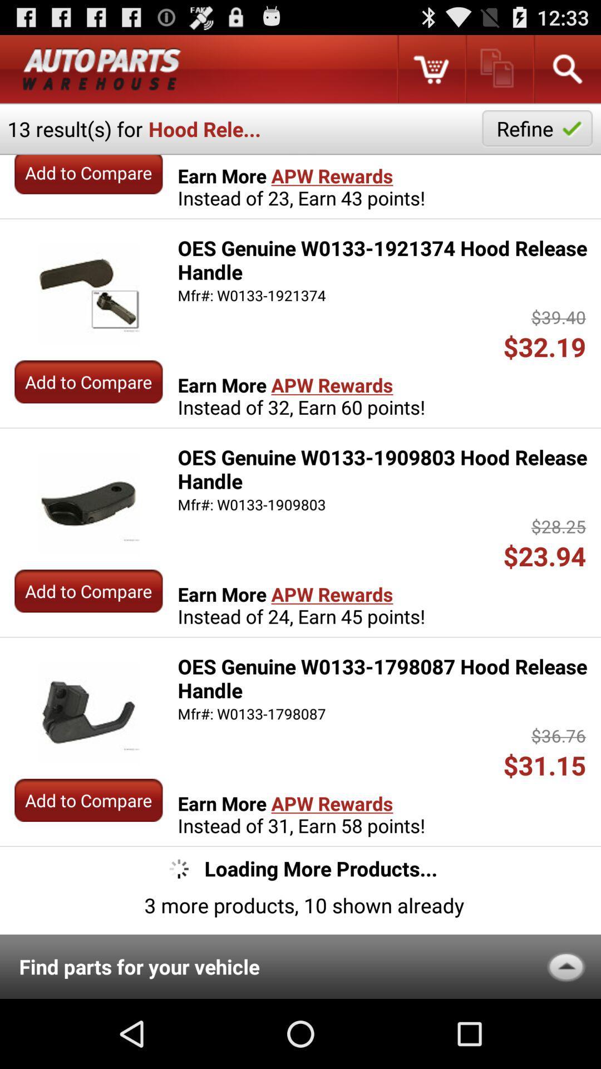 The height and width of the screenshot is (1069, 601). I want to click on the copy icon, so click(498, 73).